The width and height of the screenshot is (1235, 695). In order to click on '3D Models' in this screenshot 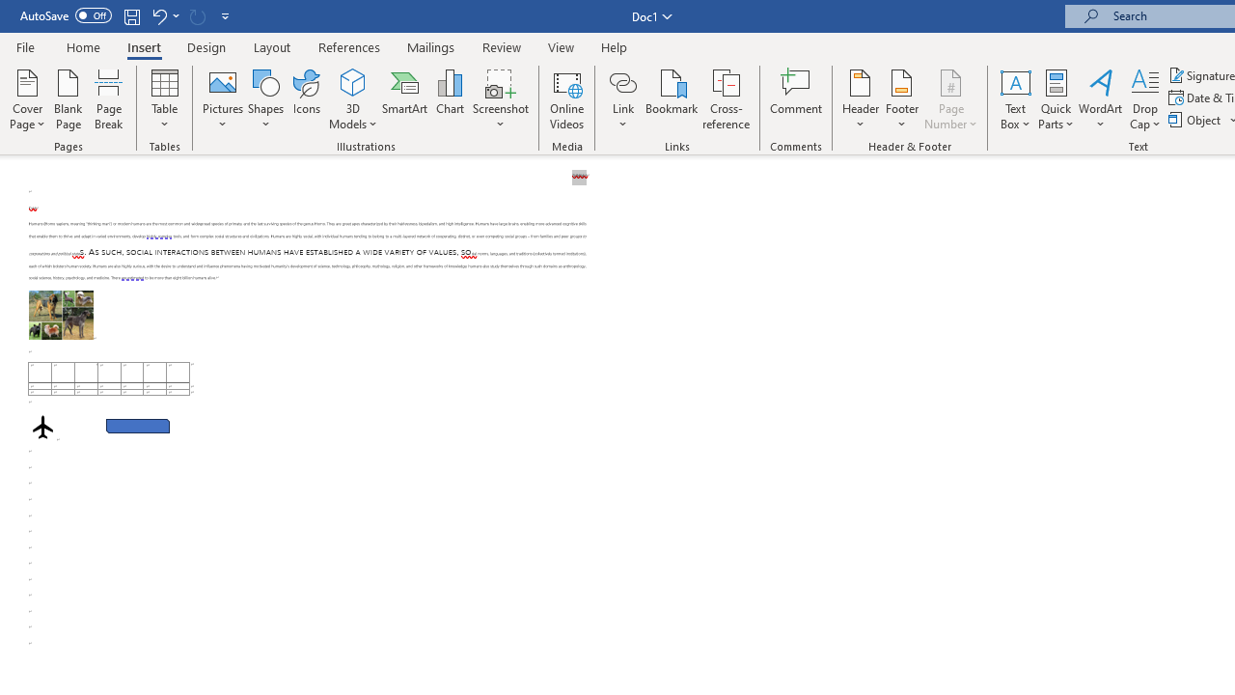, I will do `click(353, 99)`.